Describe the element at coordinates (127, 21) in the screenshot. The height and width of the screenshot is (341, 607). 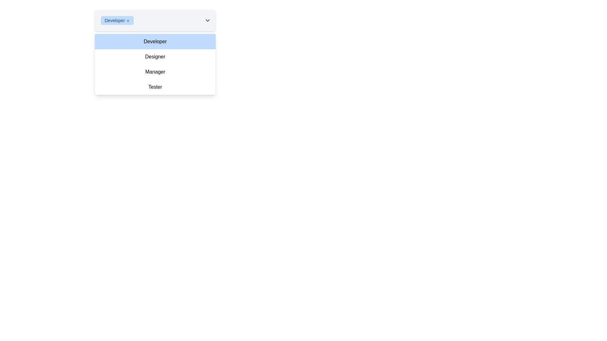
I see `the close icon button located at the rightmost end of the blue label displaying the text 'Developer'` at that location.